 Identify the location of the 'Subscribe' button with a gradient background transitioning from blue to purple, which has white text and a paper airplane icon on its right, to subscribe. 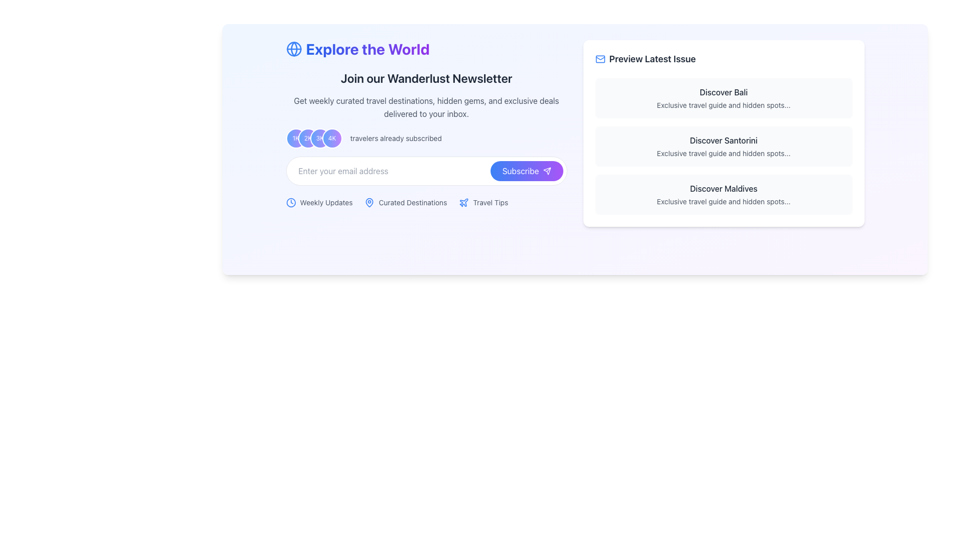
(526, 170).